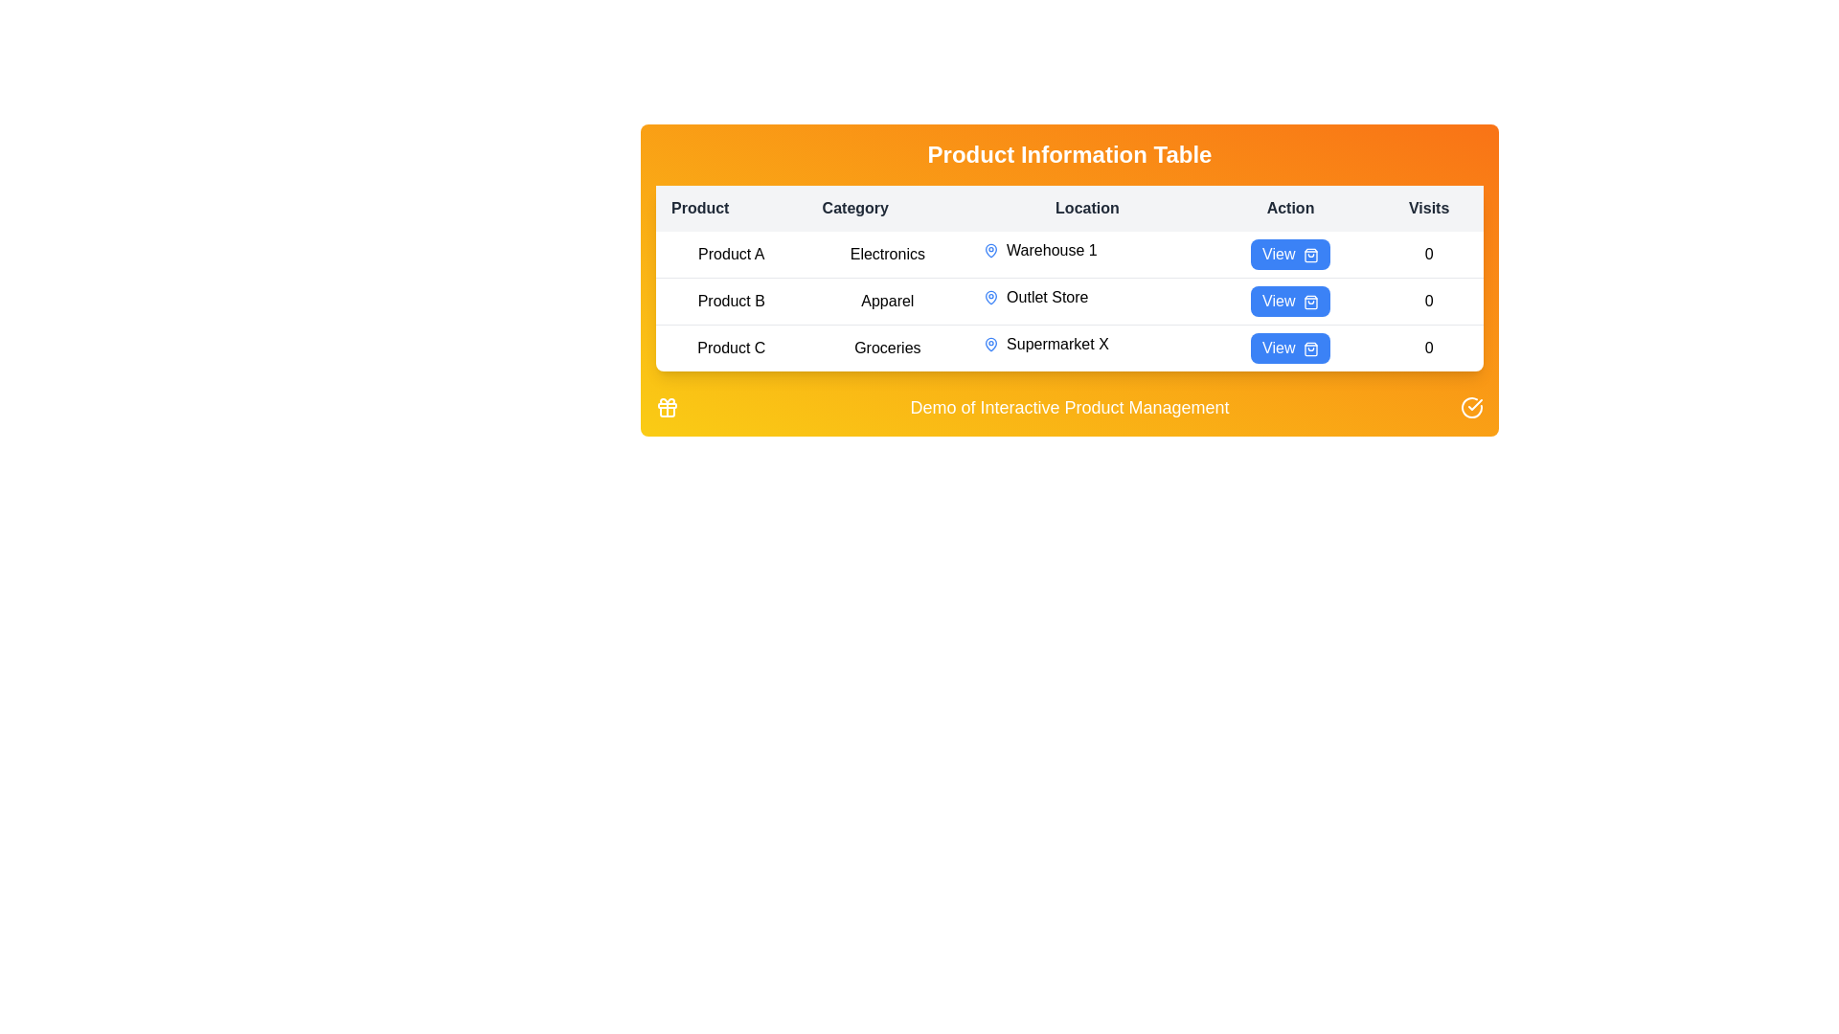 This screenshot has width=1839, height=1034. I want to click on the fourth header cell in the table that labels the 'Action' column, located between 'Location' and 'Visits', so click(1290, 209).